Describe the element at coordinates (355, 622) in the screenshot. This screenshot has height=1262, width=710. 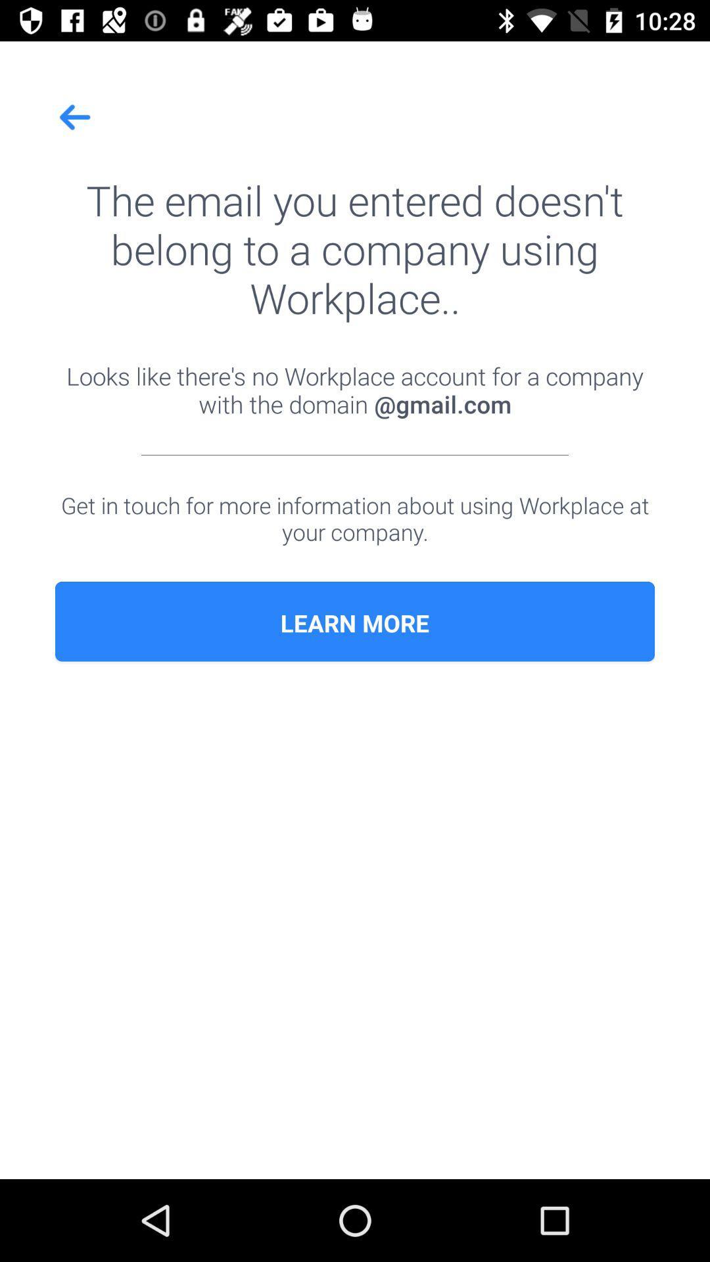
I see `learn more icon` at that location.